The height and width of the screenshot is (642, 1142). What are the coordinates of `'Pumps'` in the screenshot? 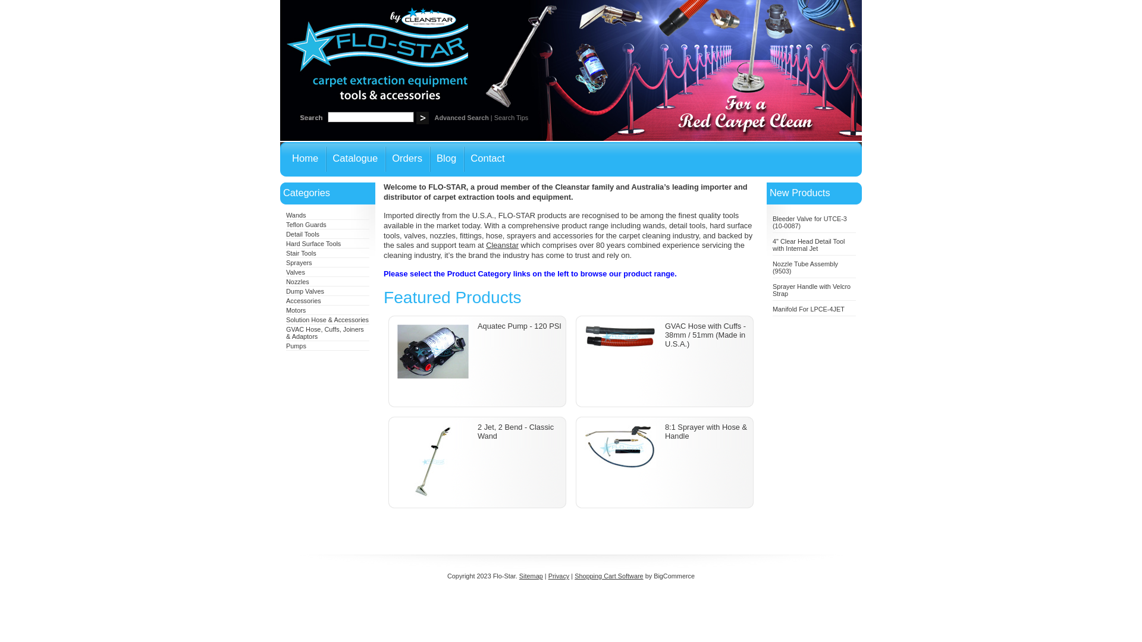 It's located at (296, 346).